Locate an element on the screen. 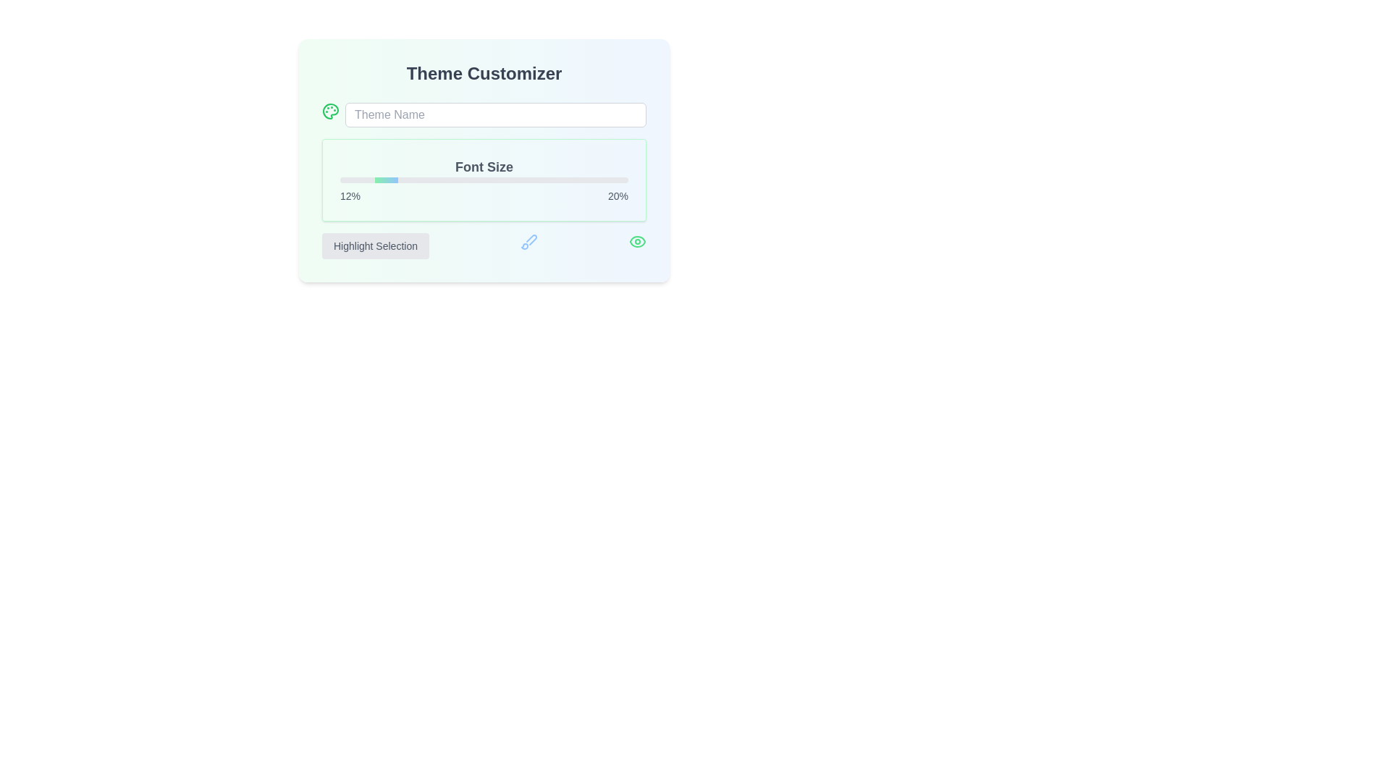 This screenshot has height=782, width=1390. the text label displaying '12%' and '20%' percentages, located below the slider in the 'Font Size' section is located at coordinates (484, 195).